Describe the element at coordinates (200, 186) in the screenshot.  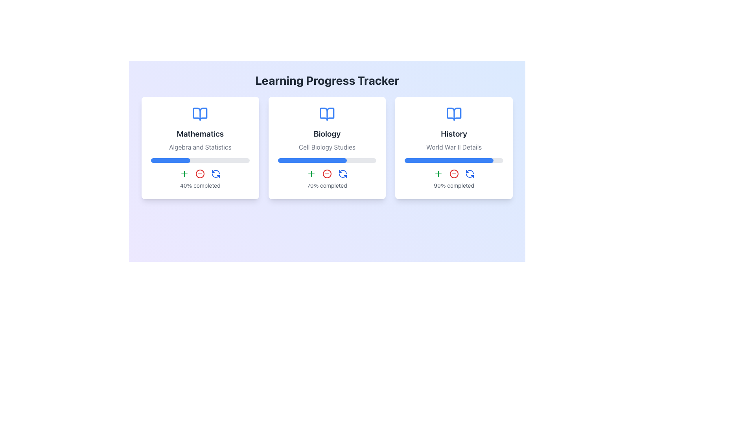
I see `the text element that indicates '40% completed' progress level, located at the bottom of the leftmost card section under the 'Mathematics' title and 'Algebra and Statistics' subtitle` at that location.